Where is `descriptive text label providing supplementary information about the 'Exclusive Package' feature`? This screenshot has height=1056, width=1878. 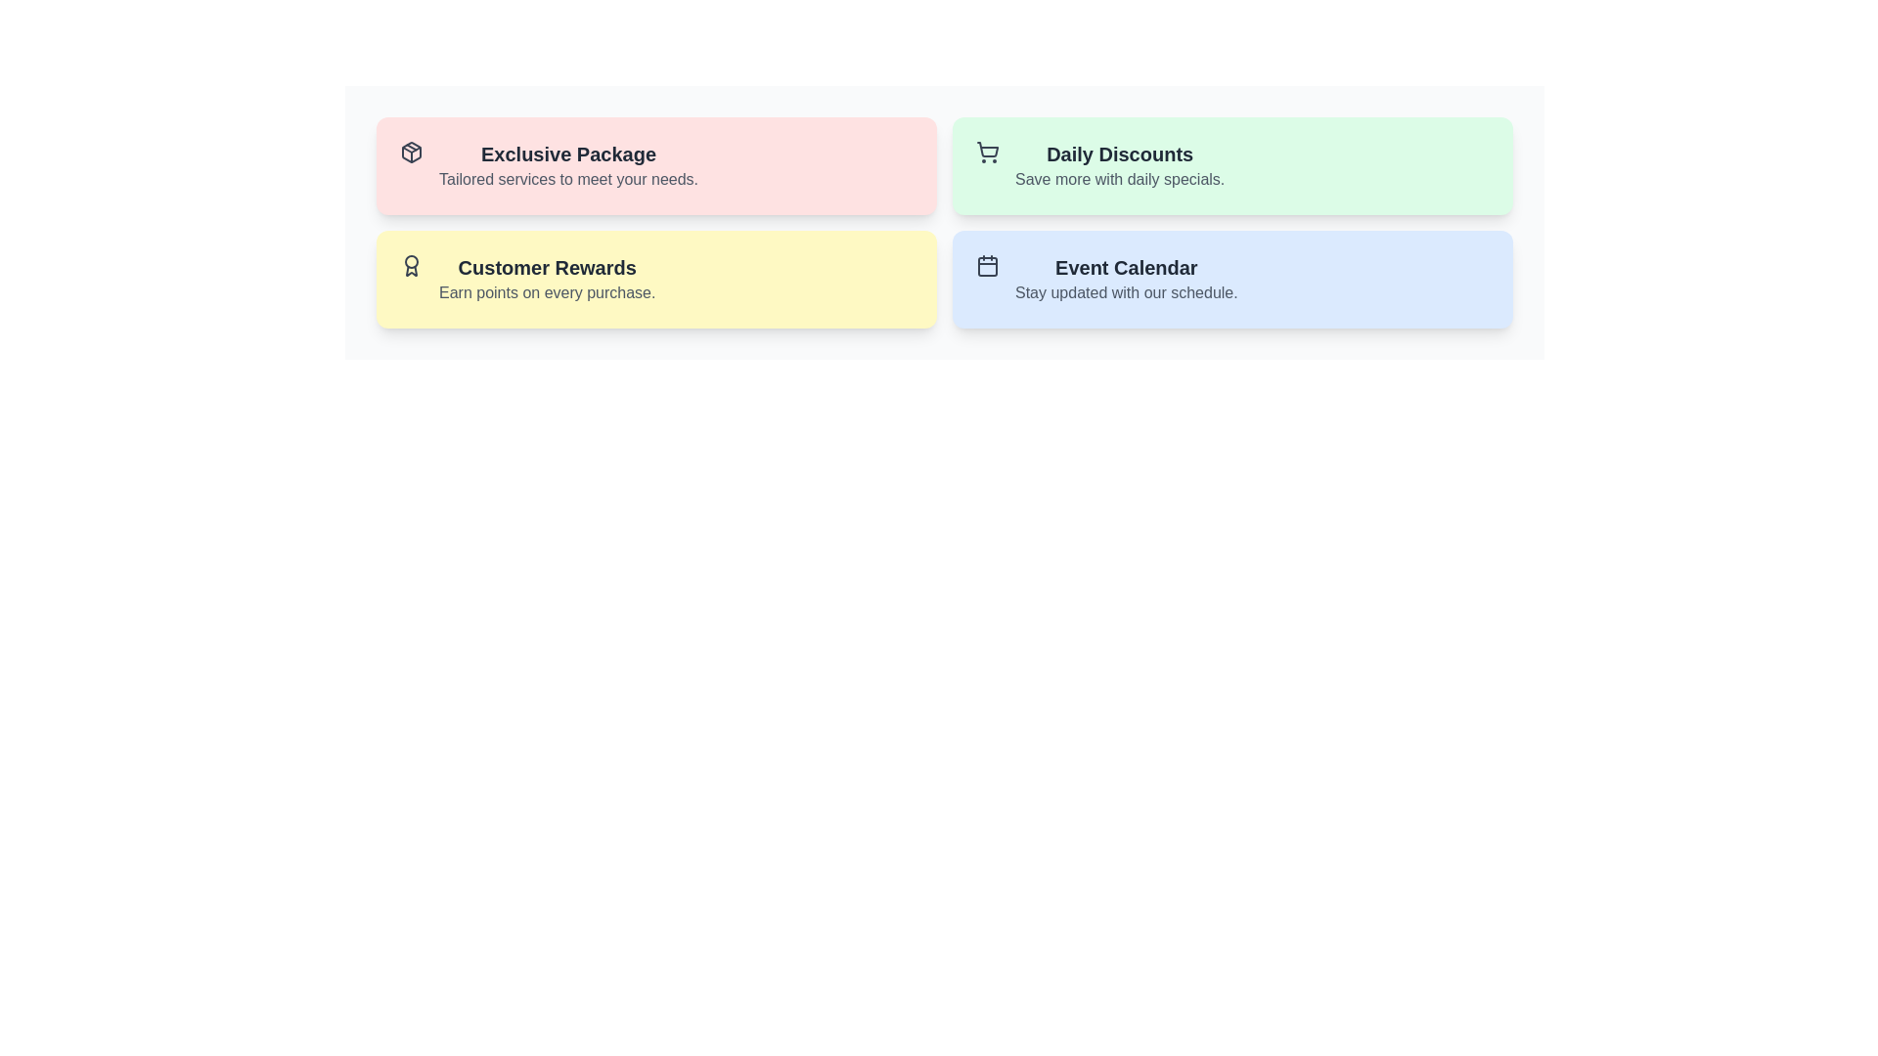 descriptive text label providing supplementary information about the 'Exclusive Package' feature is located at coordinates (567, 180).